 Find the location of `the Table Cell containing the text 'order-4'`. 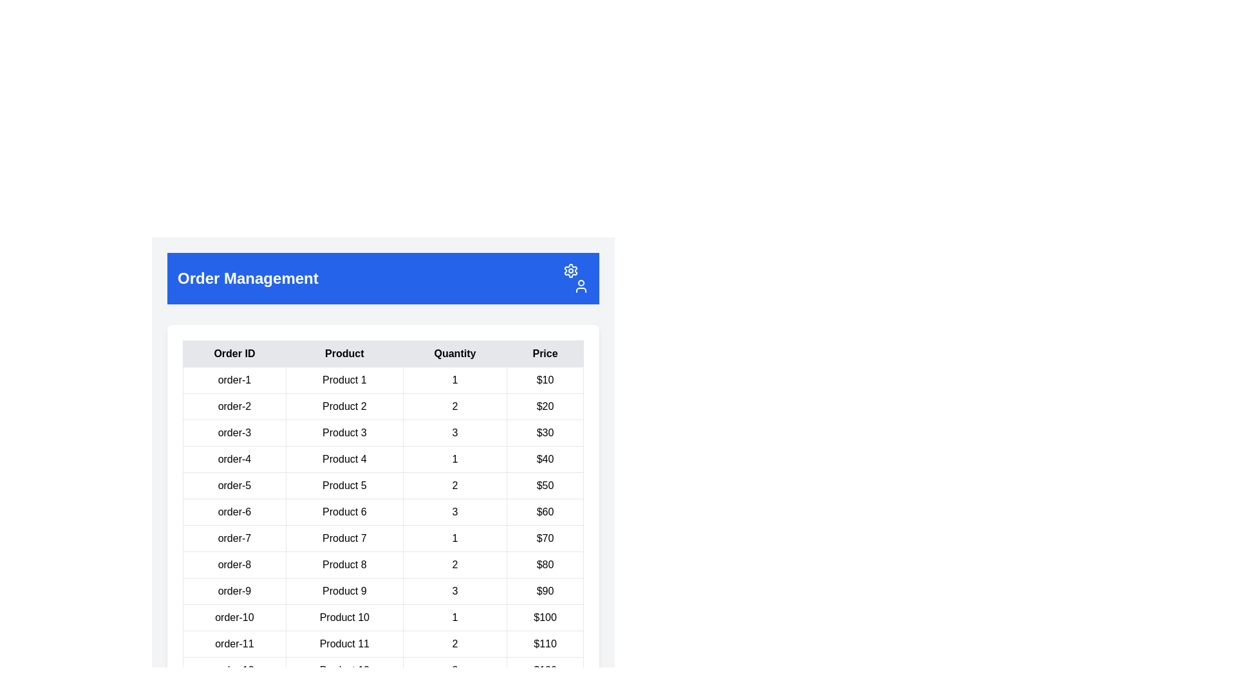

the Table Cell containing the text 'order-4' is located at coordinates (234, 458).